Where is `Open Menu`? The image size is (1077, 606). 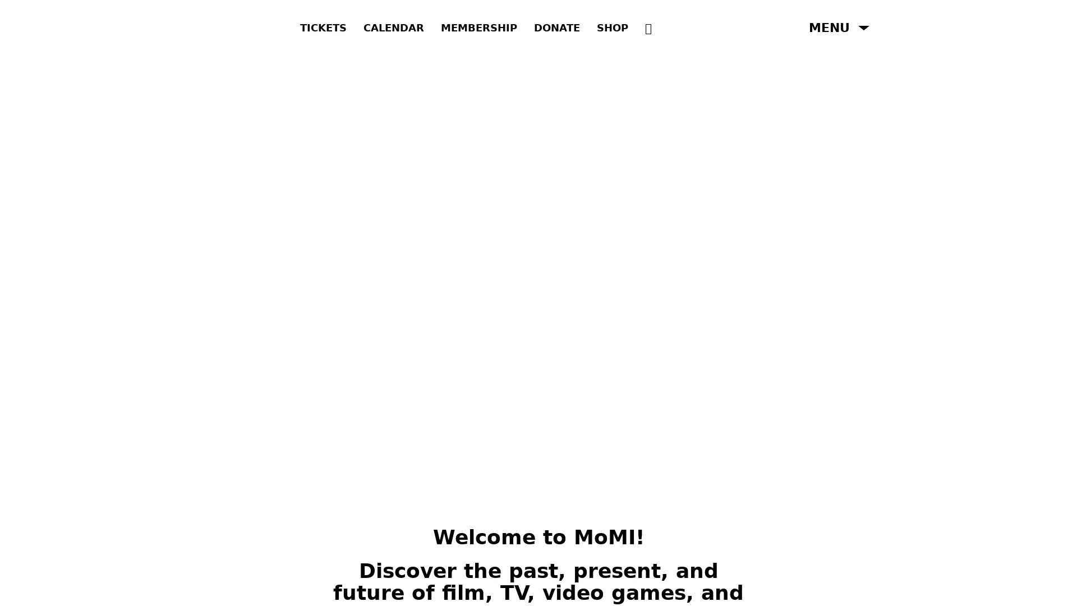 Open Menu is located at coordinates (835, 27).